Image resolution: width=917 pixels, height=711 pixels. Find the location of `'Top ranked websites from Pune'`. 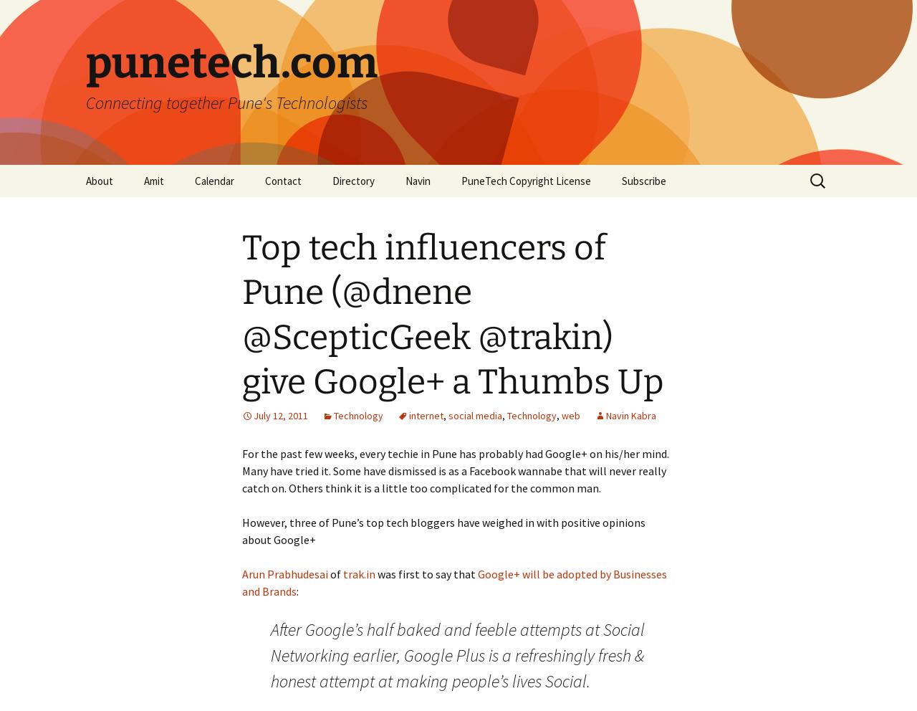

'Top ranked websites from Pune' is located at coordinates (379, 219).